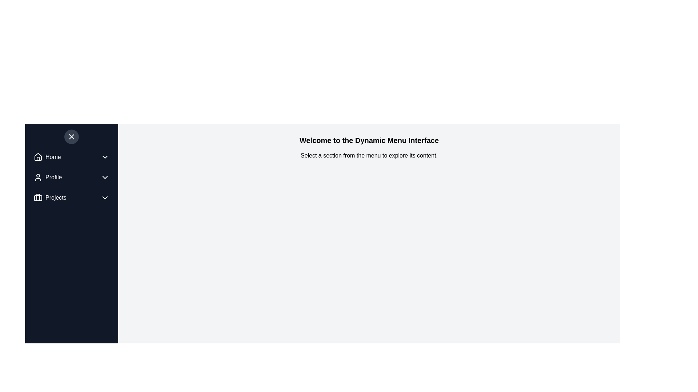 This screenshot has height=392, width=698. I want to click on the small, circular user icon representing a profile located in the vertical navigation menu, so click(38, 177).